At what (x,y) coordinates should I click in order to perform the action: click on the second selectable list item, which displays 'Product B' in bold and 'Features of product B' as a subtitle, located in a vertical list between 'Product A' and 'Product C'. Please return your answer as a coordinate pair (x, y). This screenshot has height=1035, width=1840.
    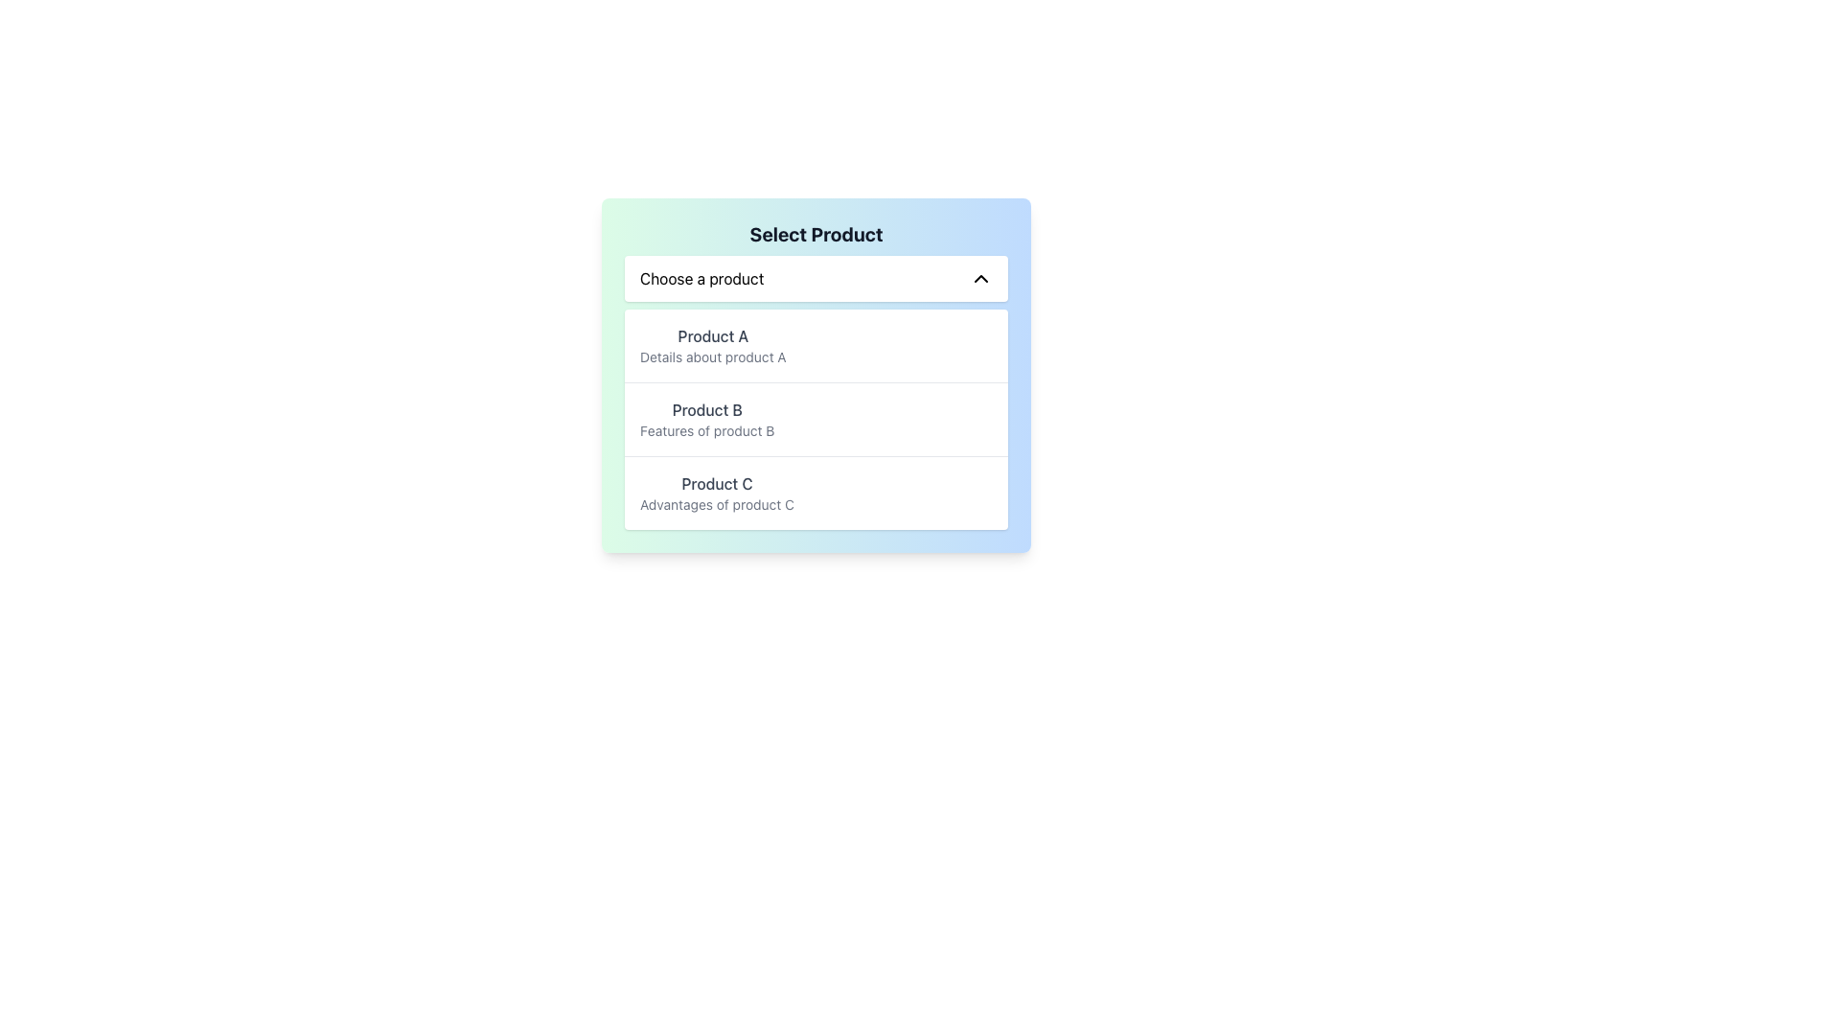
    Looking at the image, I should click on (816, 418).